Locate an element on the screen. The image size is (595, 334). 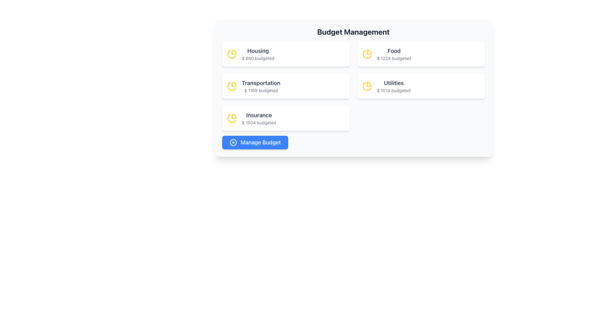
the upper segment of the pie chart icon representing the 'Utilities' category in the Budget Management panel is located at coordinates (369, 84).